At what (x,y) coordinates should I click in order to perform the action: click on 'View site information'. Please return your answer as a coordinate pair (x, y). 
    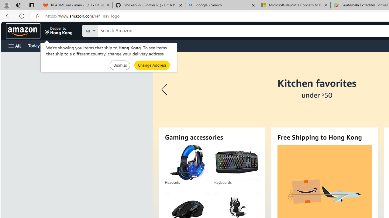
    Looking at the image, I should click on (38, 16).